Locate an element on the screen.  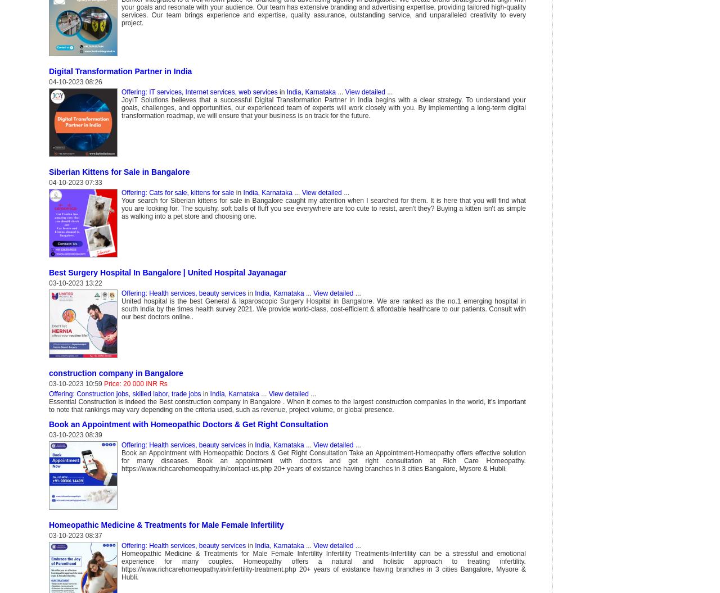
'Offering: Construction jobs, skilled labor, trade jobs' is located at coordinates (48, 392).